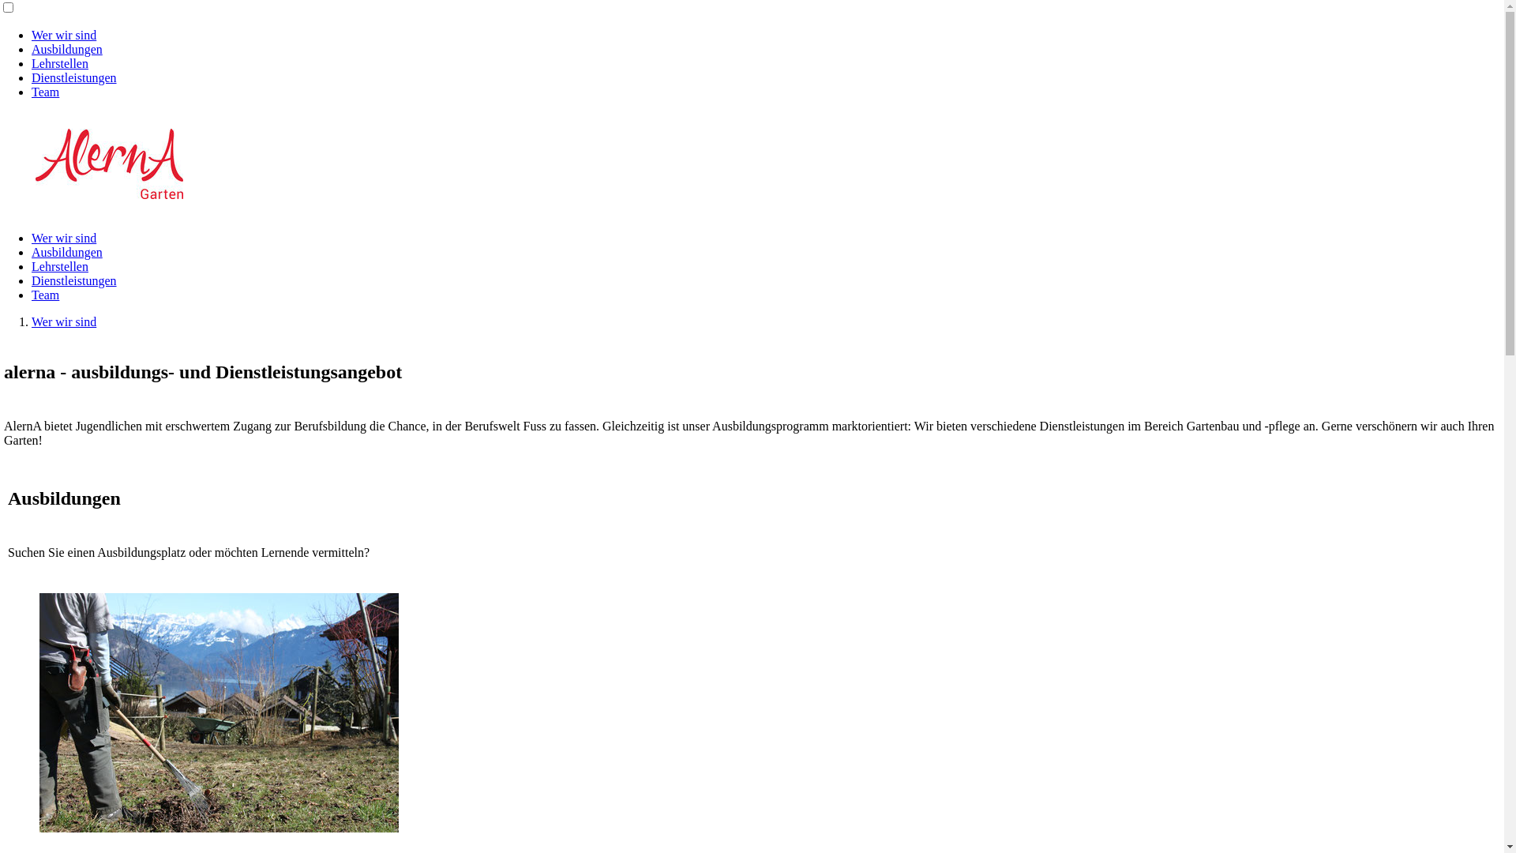 The image size is (1516, 853). What do you see at coordinates (60, 265) in the screenshot?
I see `'Lehrstellen'` at bounding box center [60, 265].